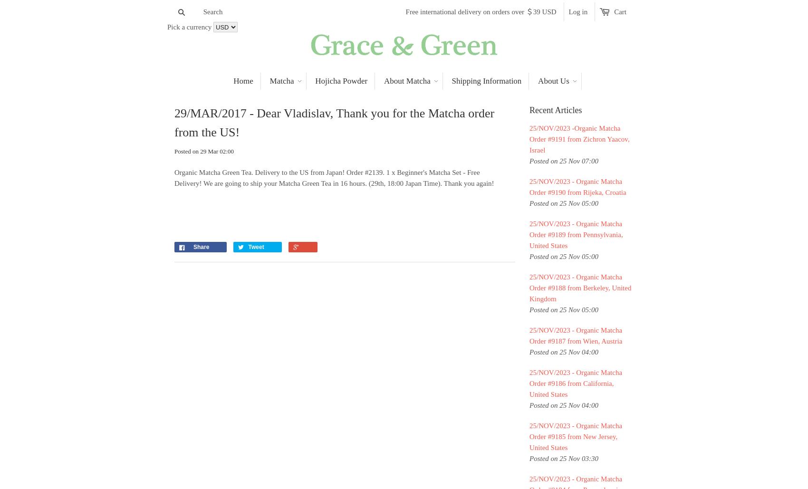  Describe the element at coordinates (407, 81) in the screenshot. I see `'About Matcha'` at that location.